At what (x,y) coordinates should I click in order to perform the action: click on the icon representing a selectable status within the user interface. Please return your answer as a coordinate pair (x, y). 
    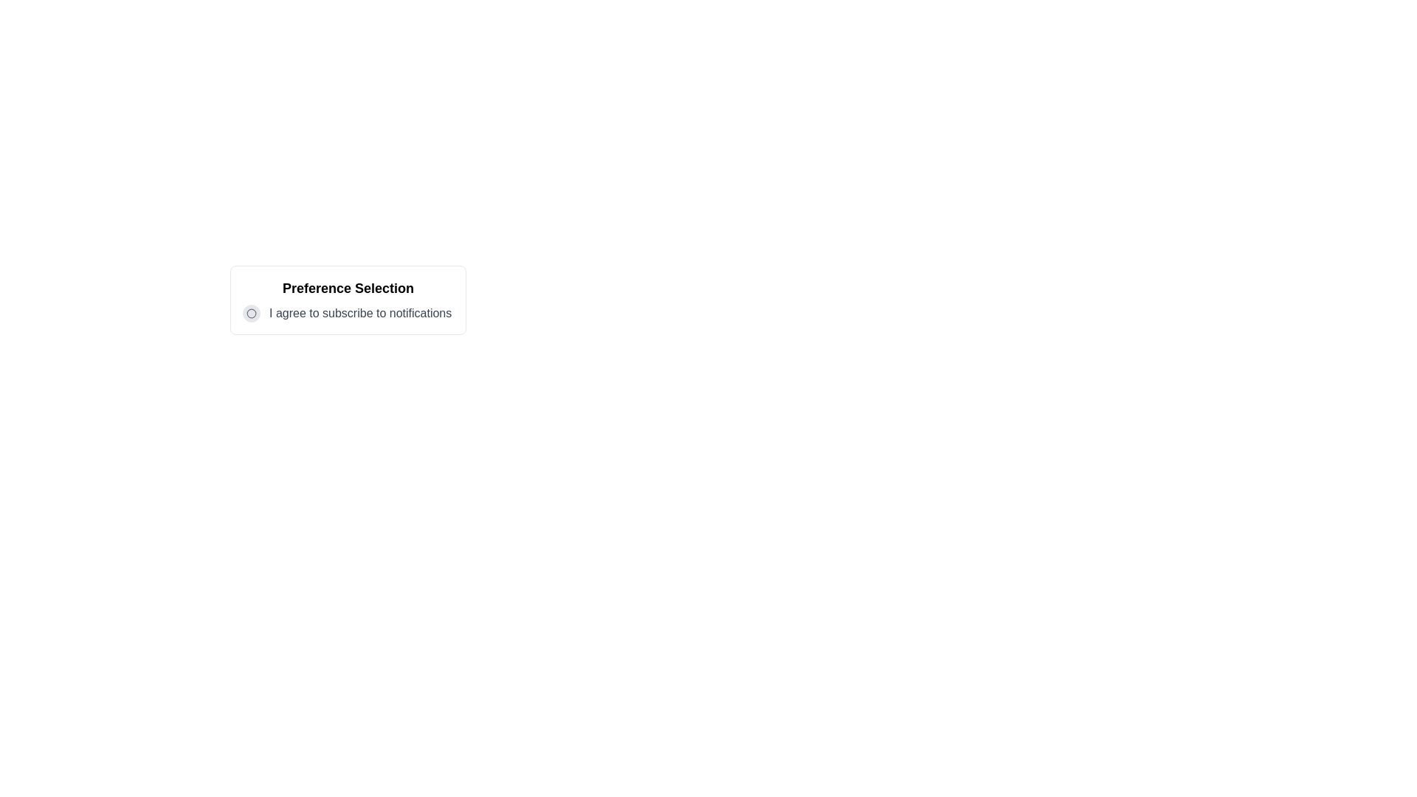
    Looking at the image, I should click on (251, 312).